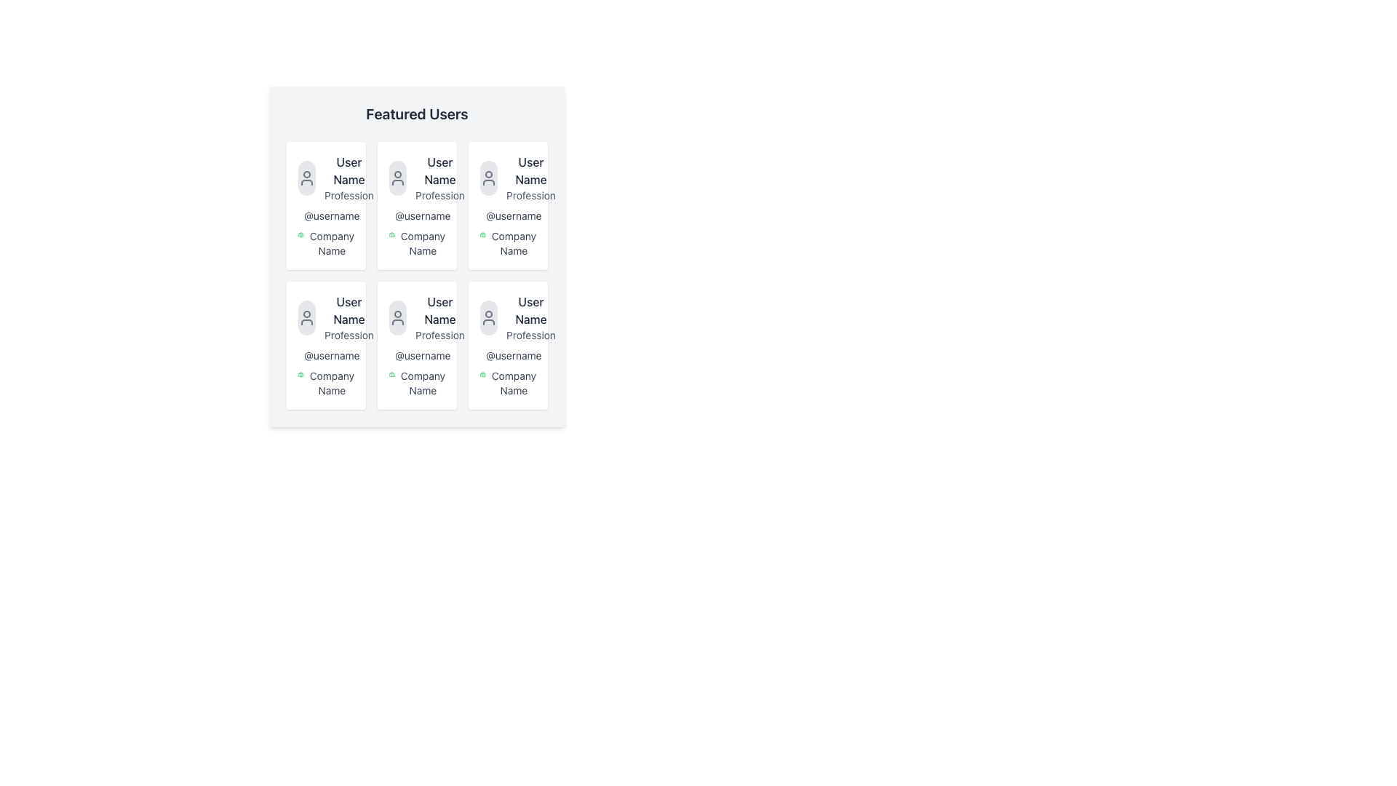  What do you see at coordinates (530, 170) in the screenshot?
I see `the user name text label located in the third card of the top row in the grid layout, which serves as an identifier for the associated user` at bounding box center [530, 170].